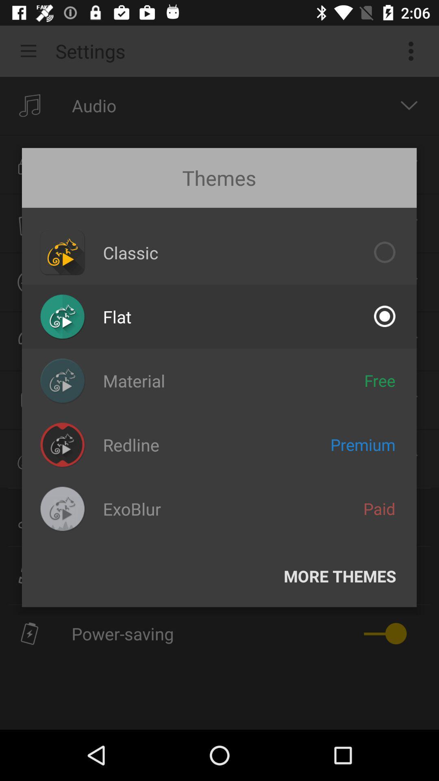 The width and height of the screenshot is (439, 781). Describe the element at coordinates (379, 508) in the screenshot. I see `the item next to the exoblur icon` at that location.